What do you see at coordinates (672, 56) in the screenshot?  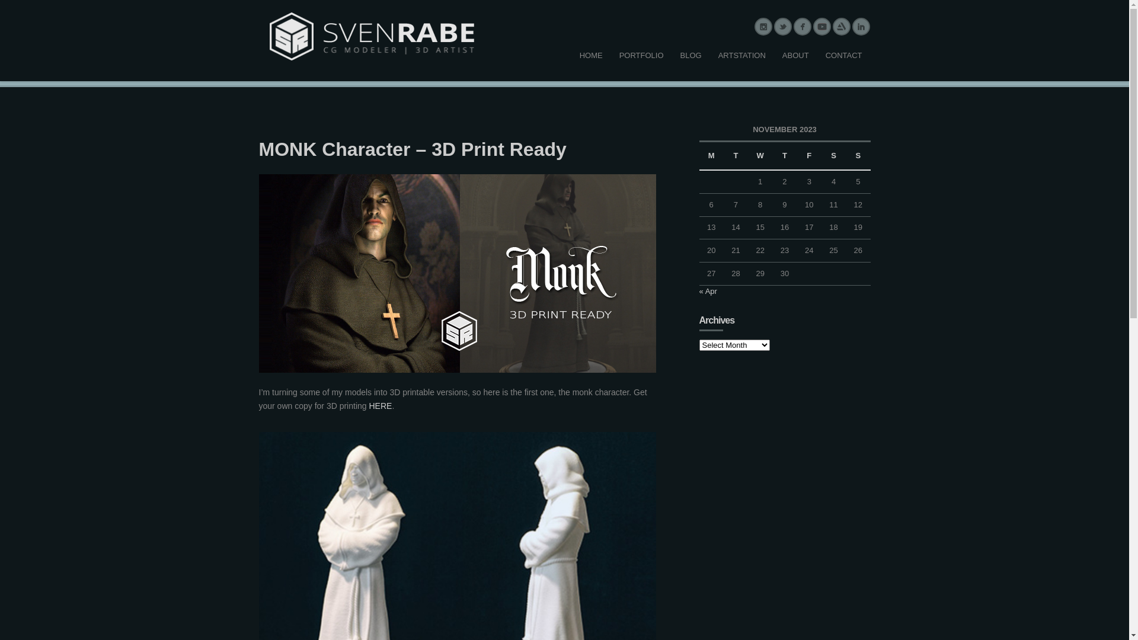 I see `'BLOG'` at bounding box center [672, 56].